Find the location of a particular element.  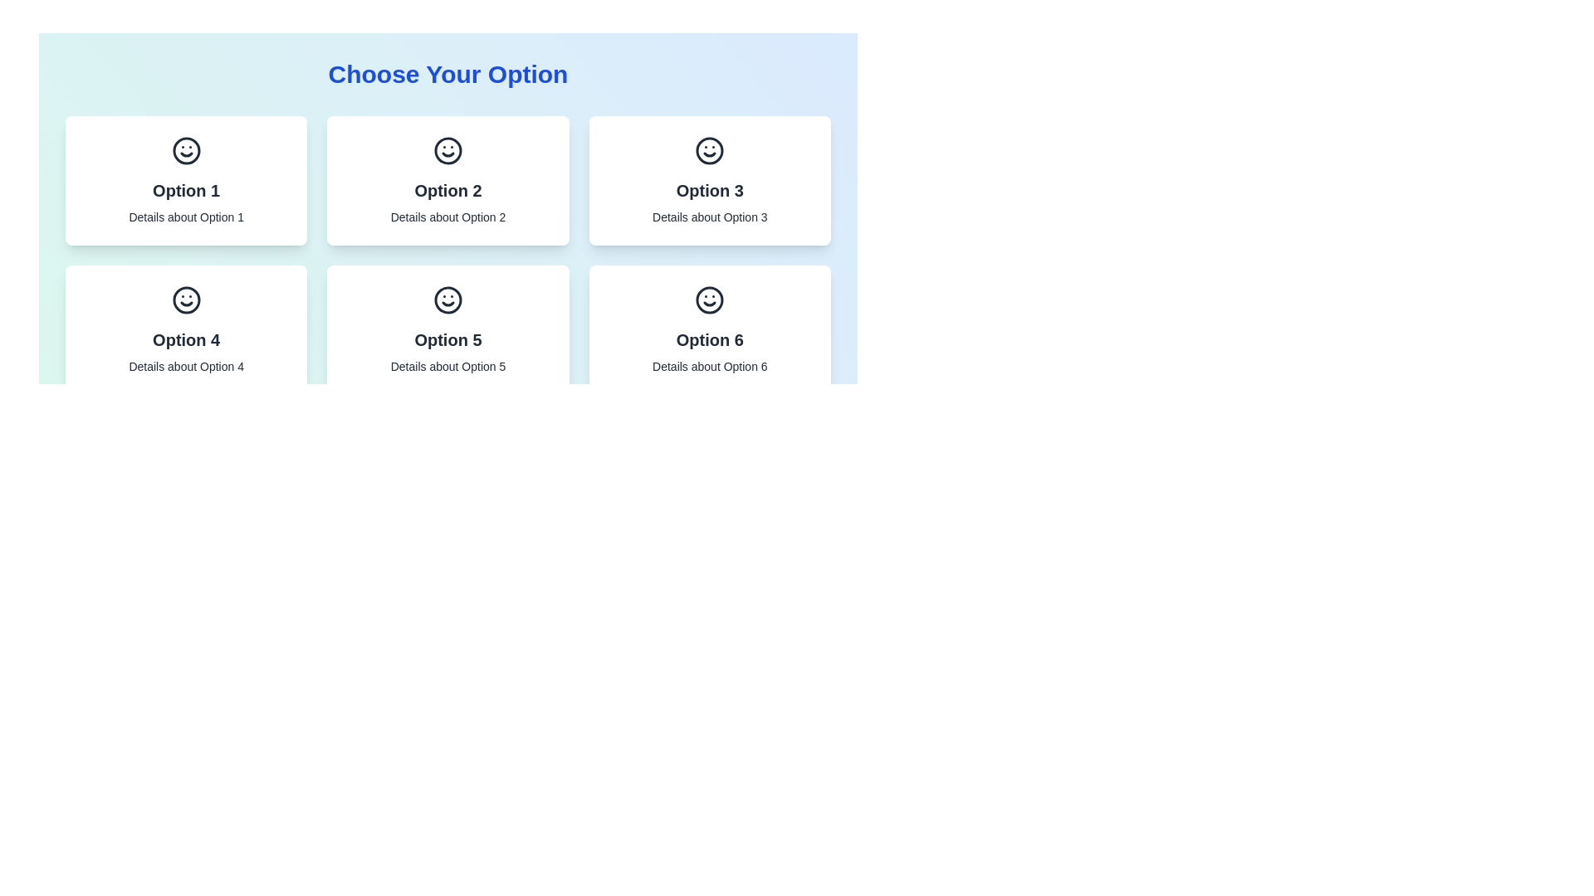

the selectable card representing 'Option 5' is located at coordinates (447, 329).